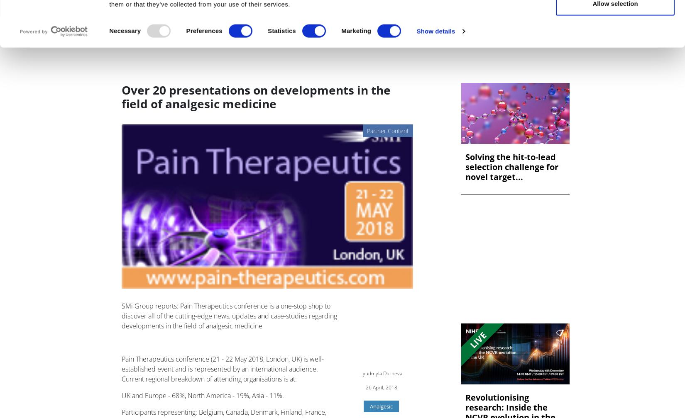 The width and height of the screenshot is (685, 418). What do you see at coordinates (328, 34) in the screenshot?
I see `'Deep Dive'` at bounding box center [328, 34].